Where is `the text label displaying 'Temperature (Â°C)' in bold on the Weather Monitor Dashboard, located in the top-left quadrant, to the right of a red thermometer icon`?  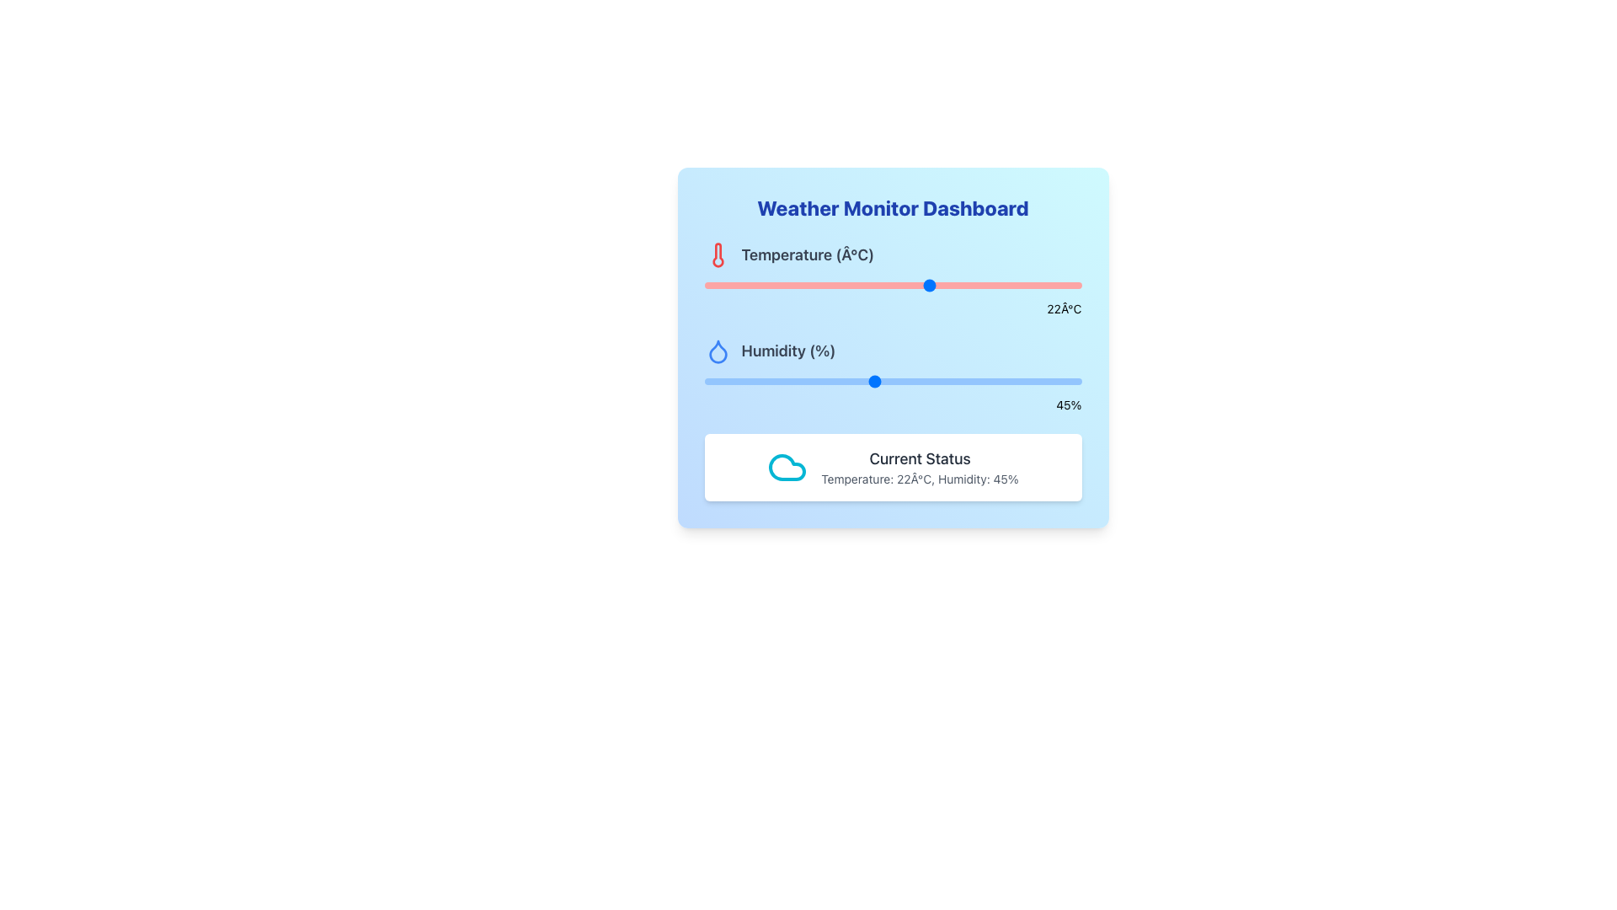 the text label displaying 'Temperature (Â°C)' in bold on the Weather Monitor Dashboard, located in the top-left quadrant, to the right of a red thermometer icon is located at coordinates (807, 255).